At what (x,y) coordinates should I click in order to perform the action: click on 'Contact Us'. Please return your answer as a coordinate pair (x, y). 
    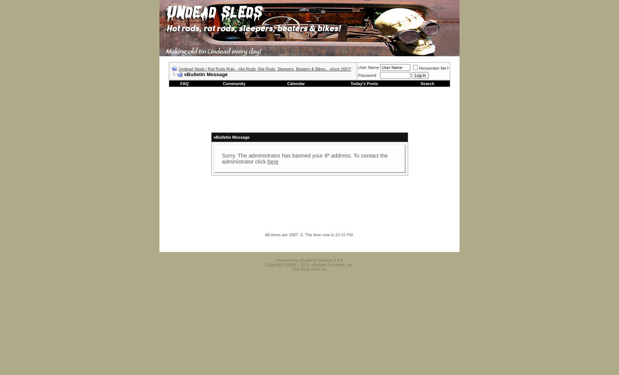
    Looking at the image, I should click on (231, 247).